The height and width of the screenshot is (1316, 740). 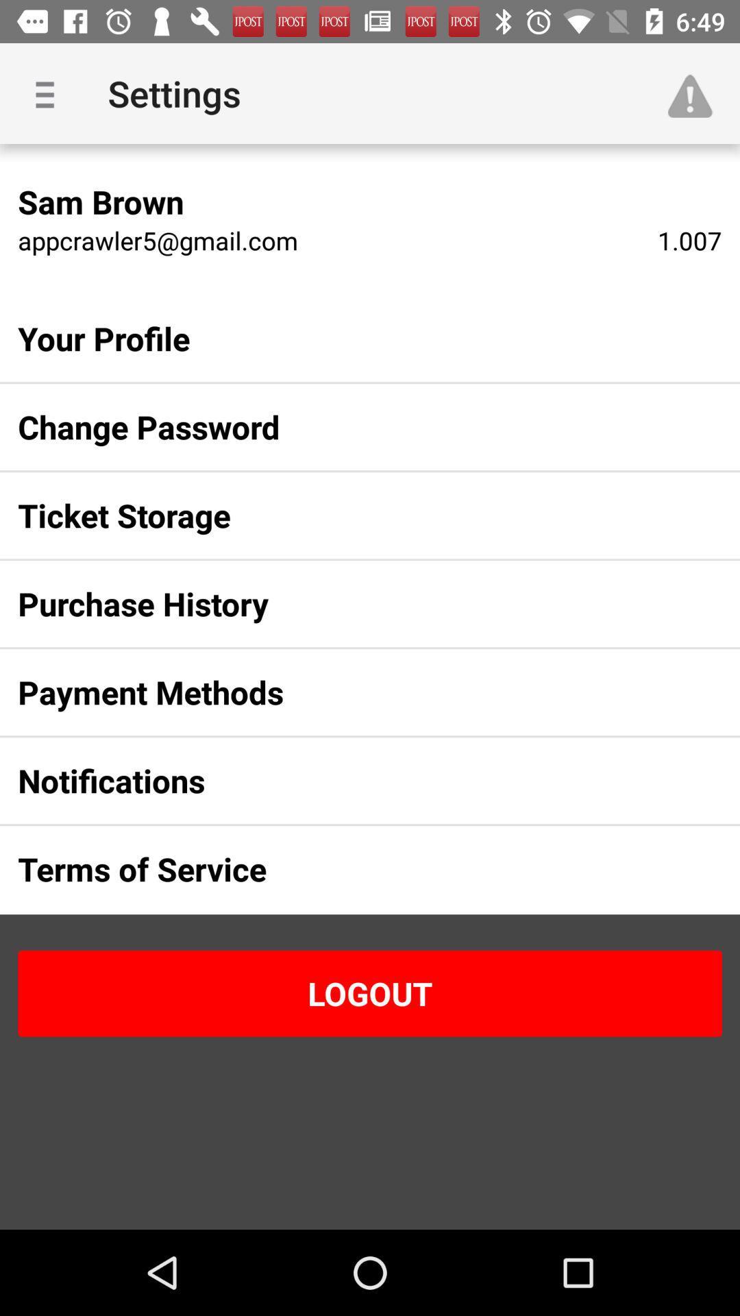 What do you see at coordinates (157, 240) in the screenshot?
I see `item below the sam brown icon` at bounding box center [157, 240].